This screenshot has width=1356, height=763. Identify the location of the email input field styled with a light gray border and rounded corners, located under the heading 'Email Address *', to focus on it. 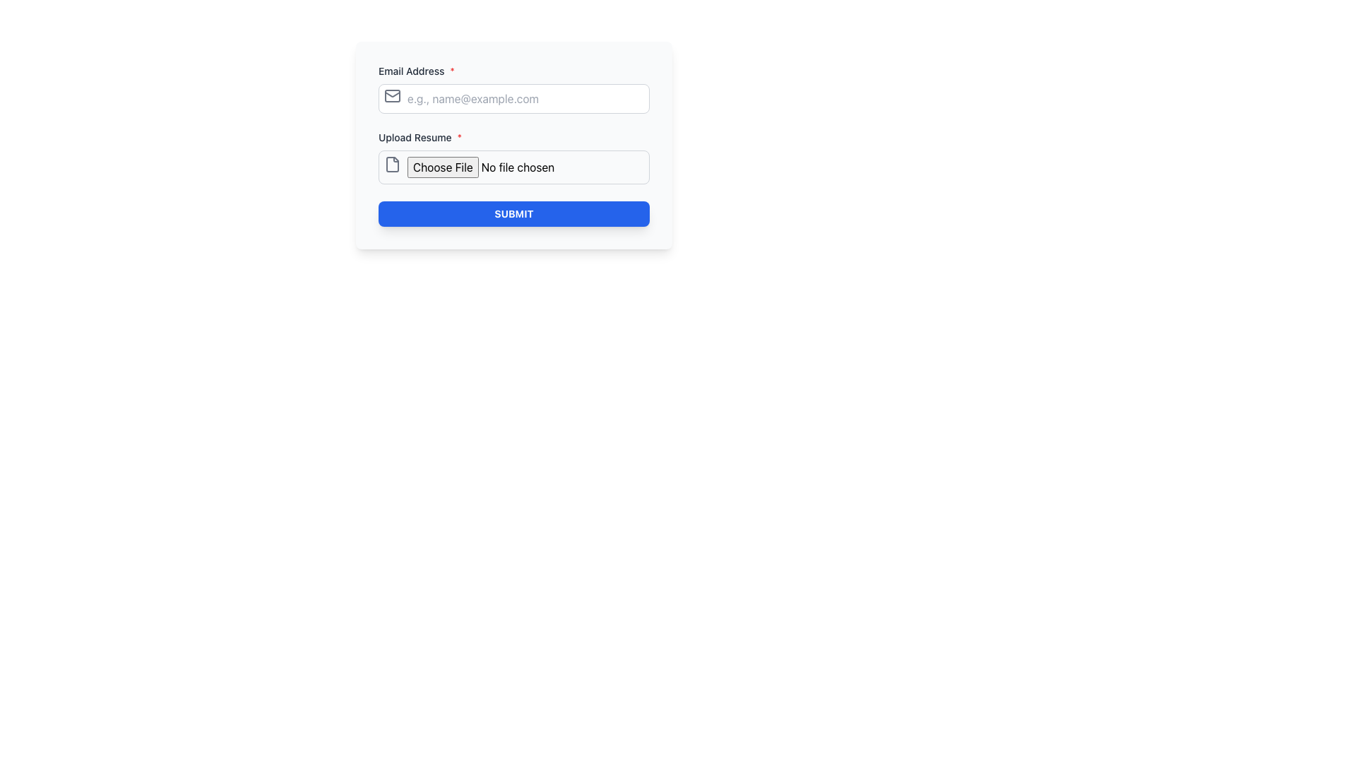
(513, 97).